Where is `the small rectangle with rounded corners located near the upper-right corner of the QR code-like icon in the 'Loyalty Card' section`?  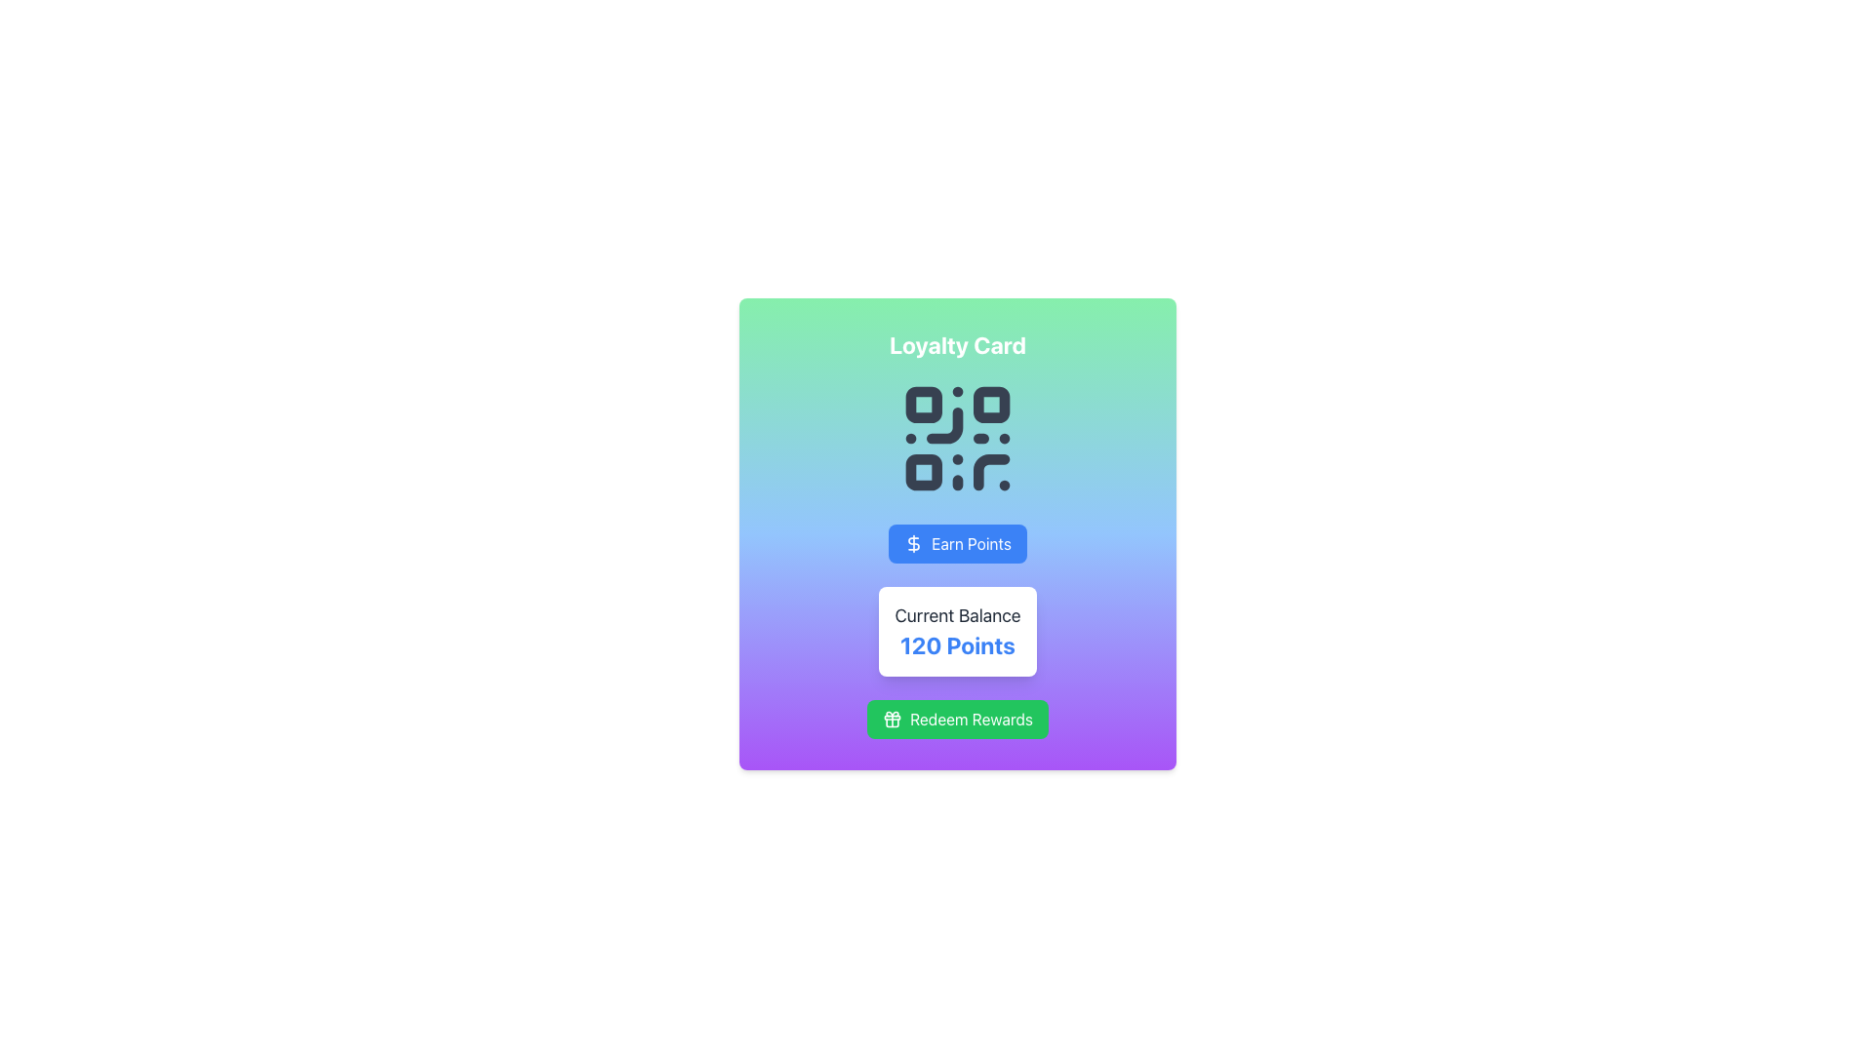
the small rectangle with rounded corners located near the upper-right corner of the QR code-like icon in the 'Loyalty Card' section is located at coordinates (991, 404).